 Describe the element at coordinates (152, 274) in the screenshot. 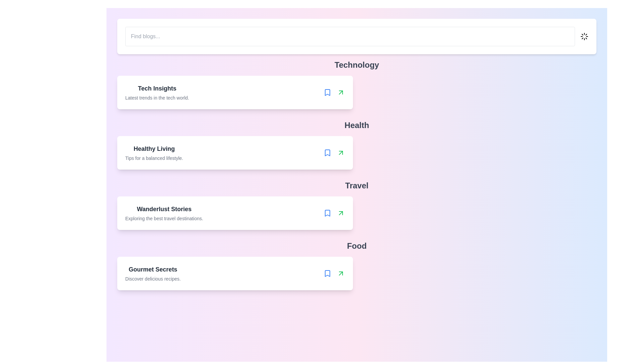

I see `header 'Gourmet Secrets' and the subtitle 'Discover delicious recipes.' to understand the content of the Food category section` at that location.